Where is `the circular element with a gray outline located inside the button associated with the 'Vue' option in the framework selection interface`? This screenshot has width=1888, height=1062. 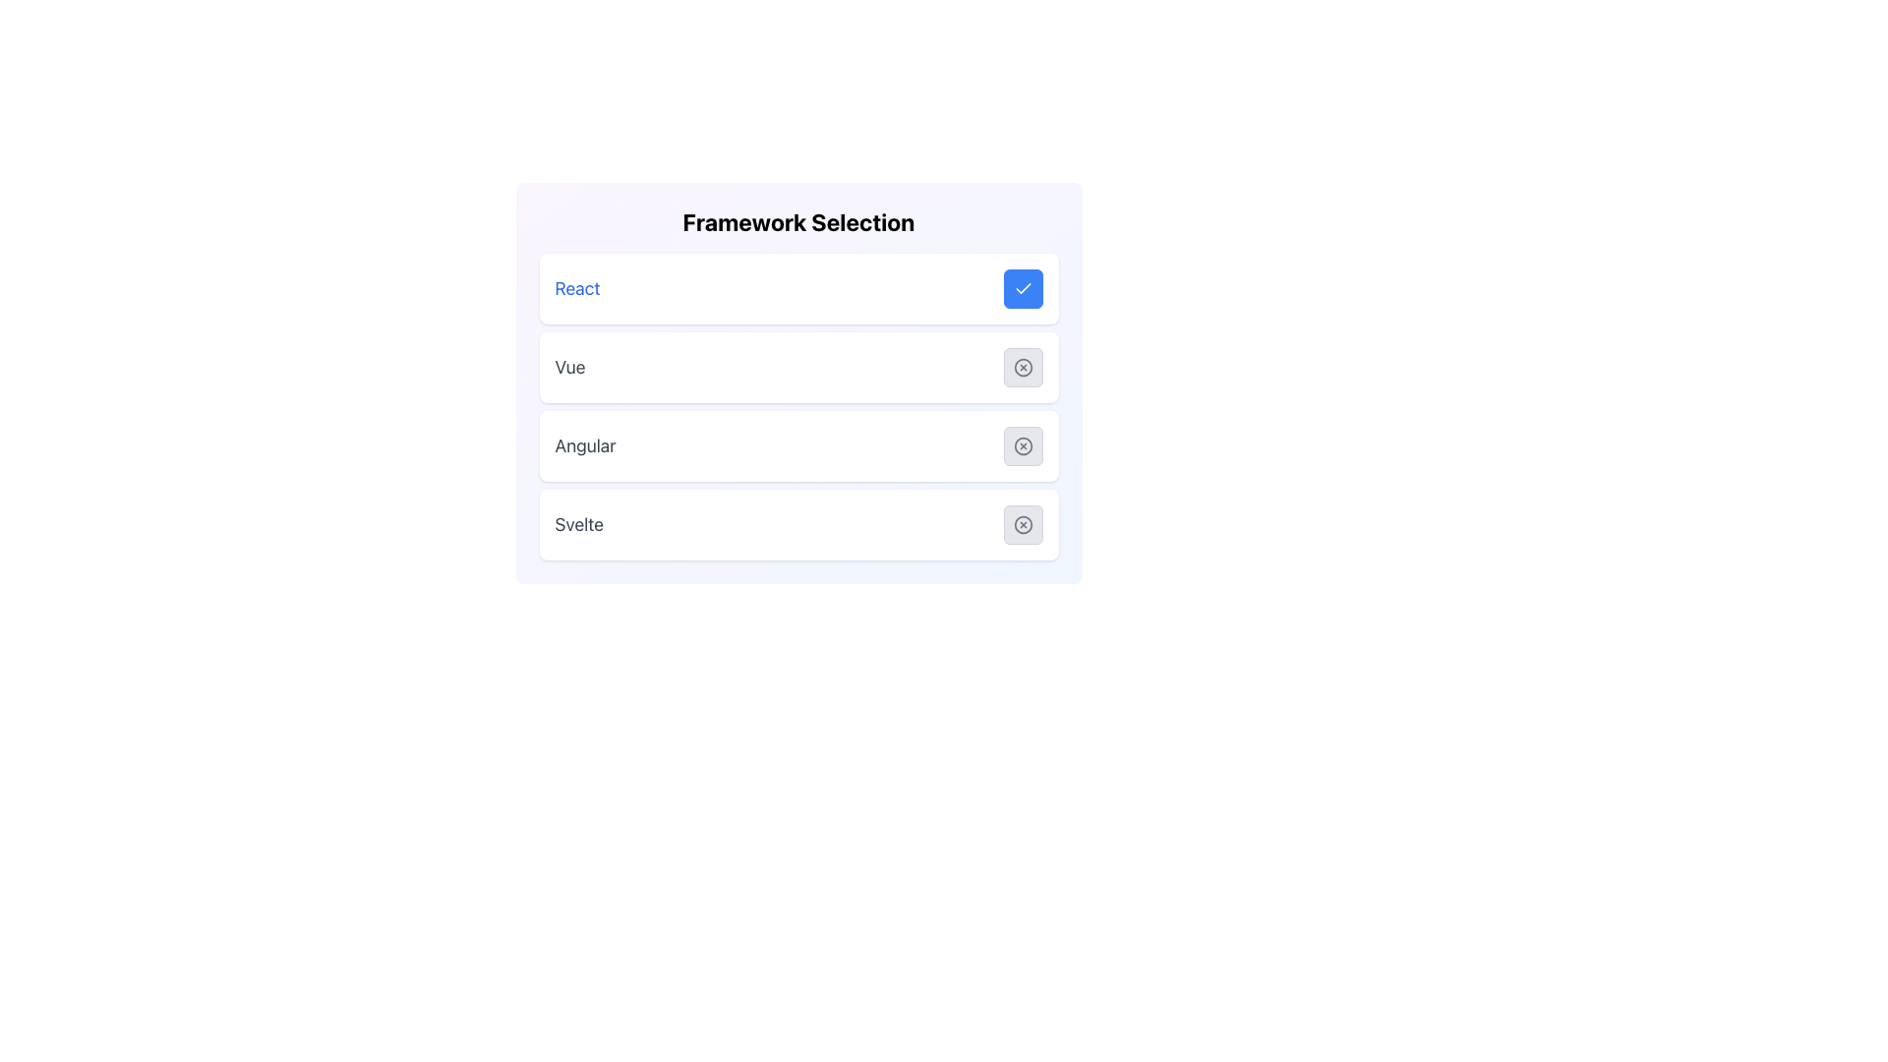
the circular element with a gray outline located inside the button associated with the 'Vue' option in the framework selection interface is located at coordinates (1023, 368).